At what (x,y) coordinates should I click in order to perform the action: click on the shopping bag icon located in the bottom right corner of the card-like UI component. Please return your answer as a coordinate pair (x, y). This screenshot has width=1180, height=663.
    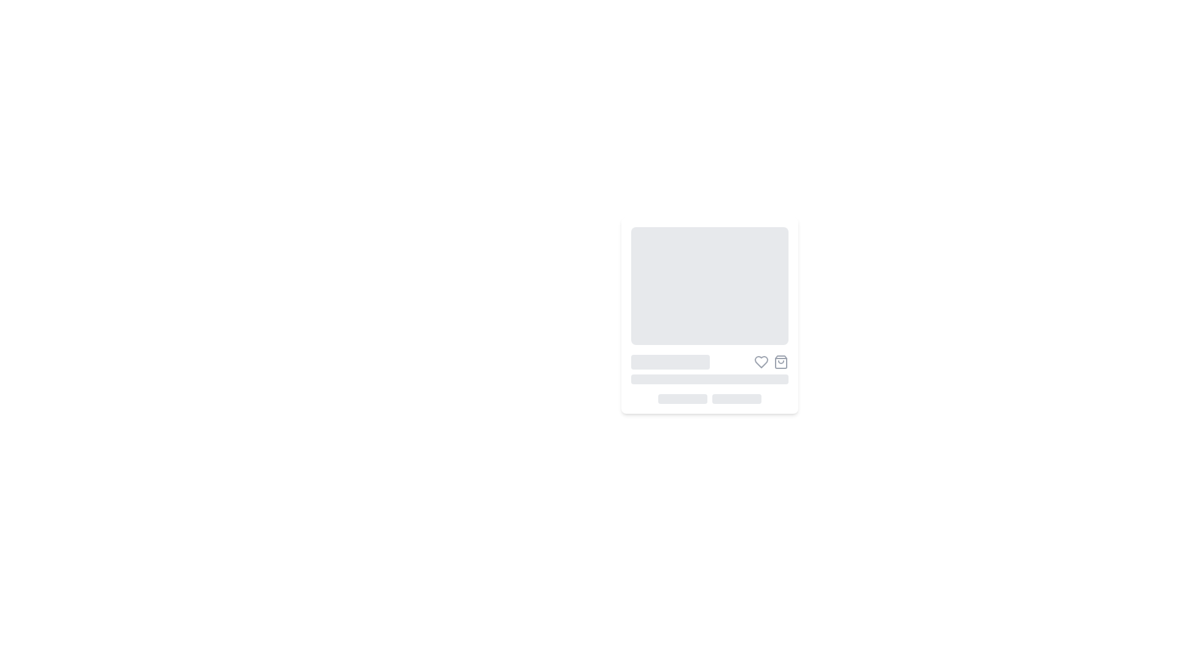
    Looking at the image, I should click on (781, 362).